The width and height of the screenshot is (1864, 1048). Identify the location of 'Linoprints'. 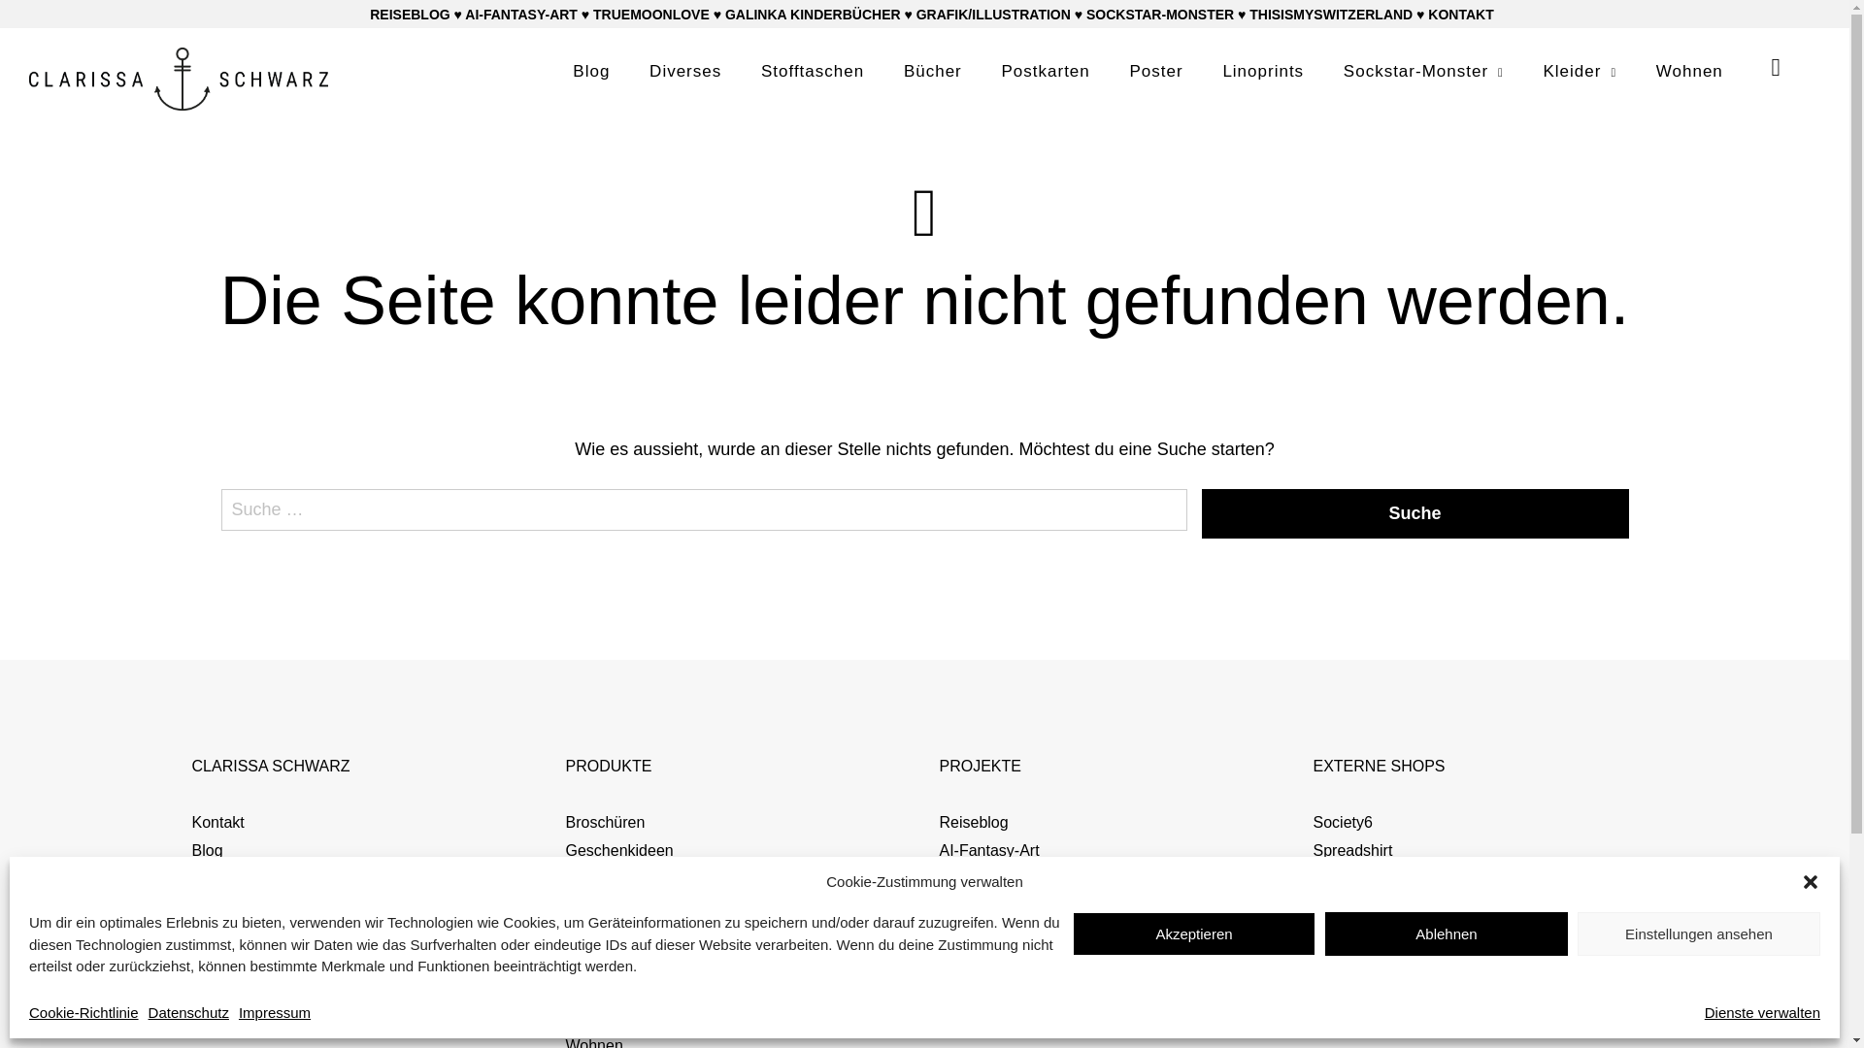
(1262, 70).